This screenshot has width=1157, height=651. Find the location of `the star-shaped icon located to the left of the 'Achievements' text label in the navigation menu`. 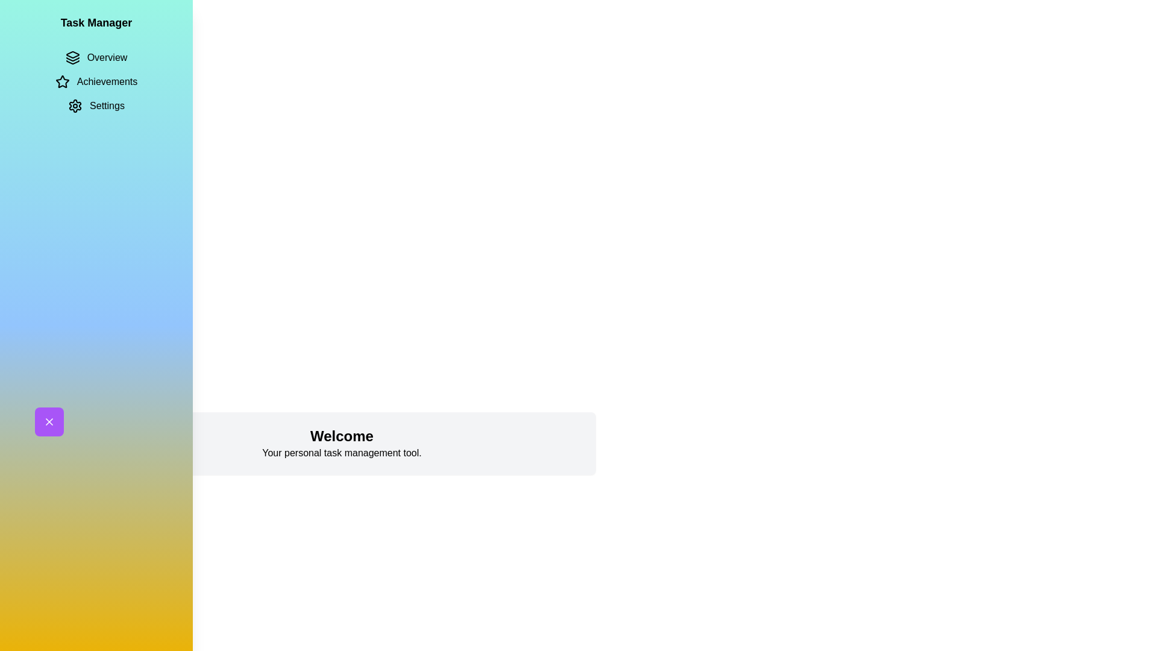

the star-shaped icon located to the left of the 'Achievements' text label in the navigation menu is located at coordinates (61, 81).